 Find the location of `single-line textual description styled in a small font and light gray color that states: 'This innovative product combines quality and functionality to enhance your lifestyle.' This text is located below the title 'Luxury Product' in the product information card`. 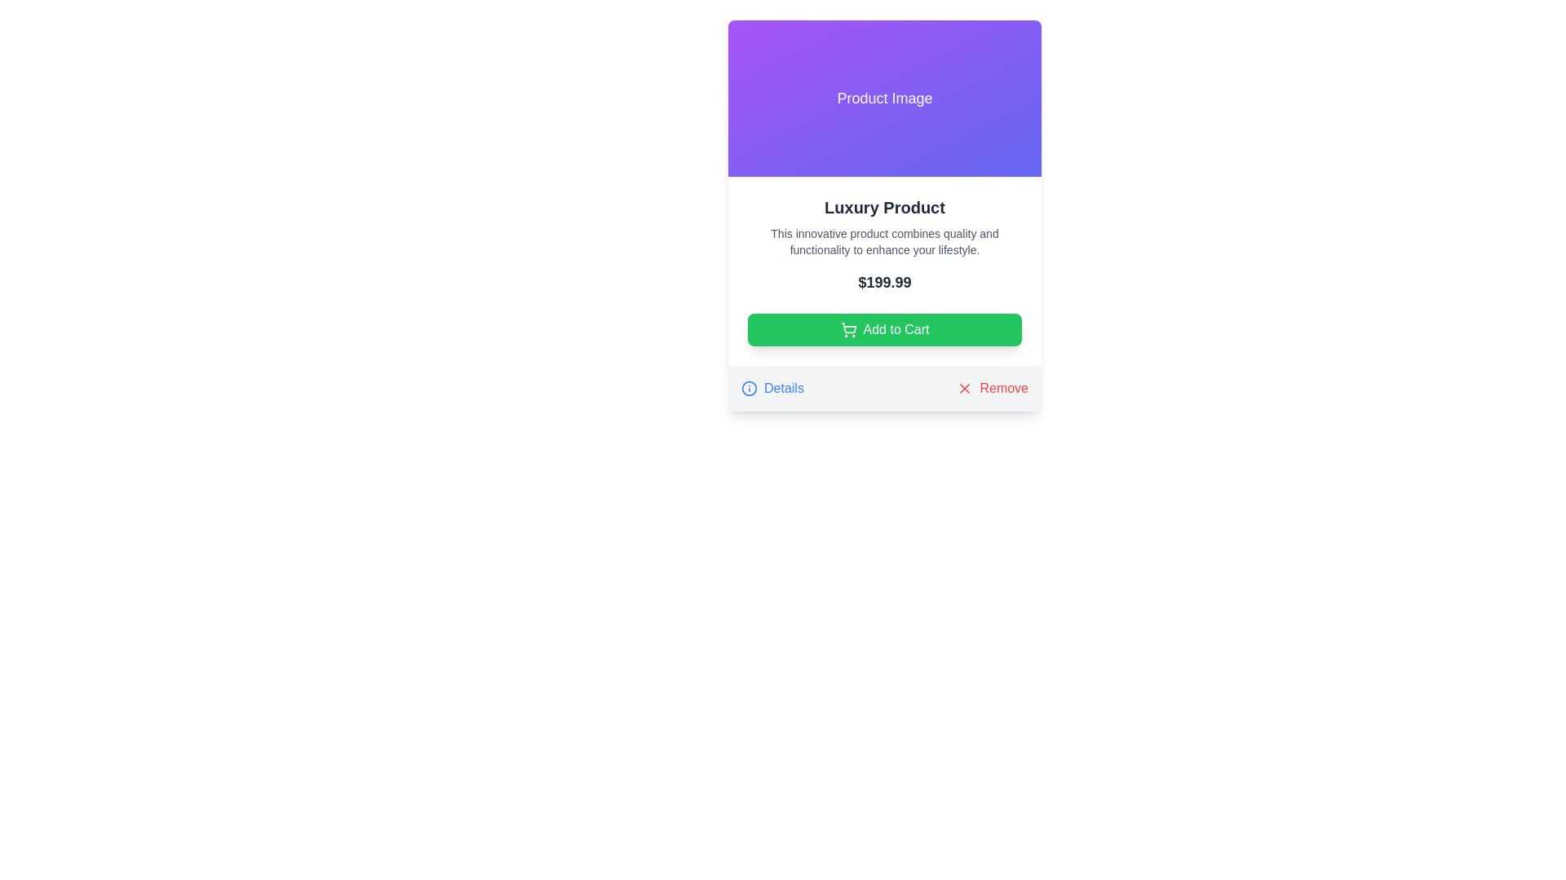

single-line textual description styled in a small font and light gray color that states: 'This innovative product combines quality and functionality to enhance your lifestyle.' This text is located below the title 'Luxury Product' in the product information card is located at coordinates (883, 242).